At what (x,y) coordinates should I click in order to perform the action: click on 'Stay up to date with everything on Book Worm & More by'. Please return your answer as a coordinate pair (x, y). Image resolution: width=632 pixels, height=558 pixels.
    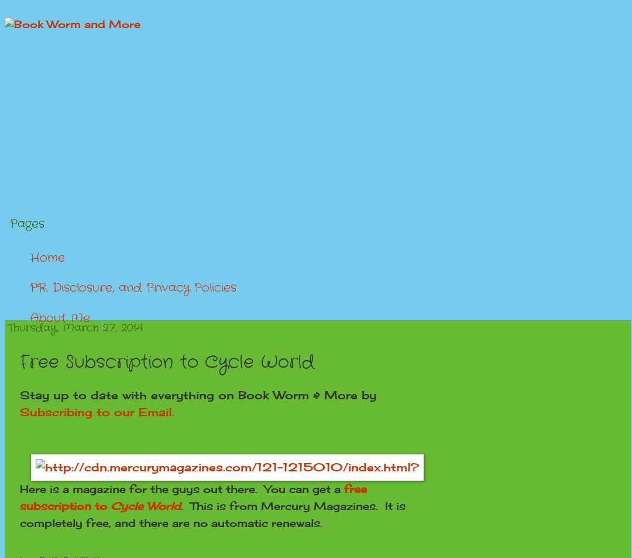
    Looking at the image, I should click on (197, 394).